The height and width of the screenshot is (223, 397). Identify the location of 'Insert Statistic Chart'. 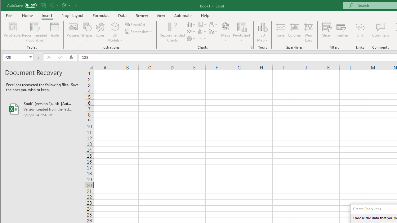
(202, 32).